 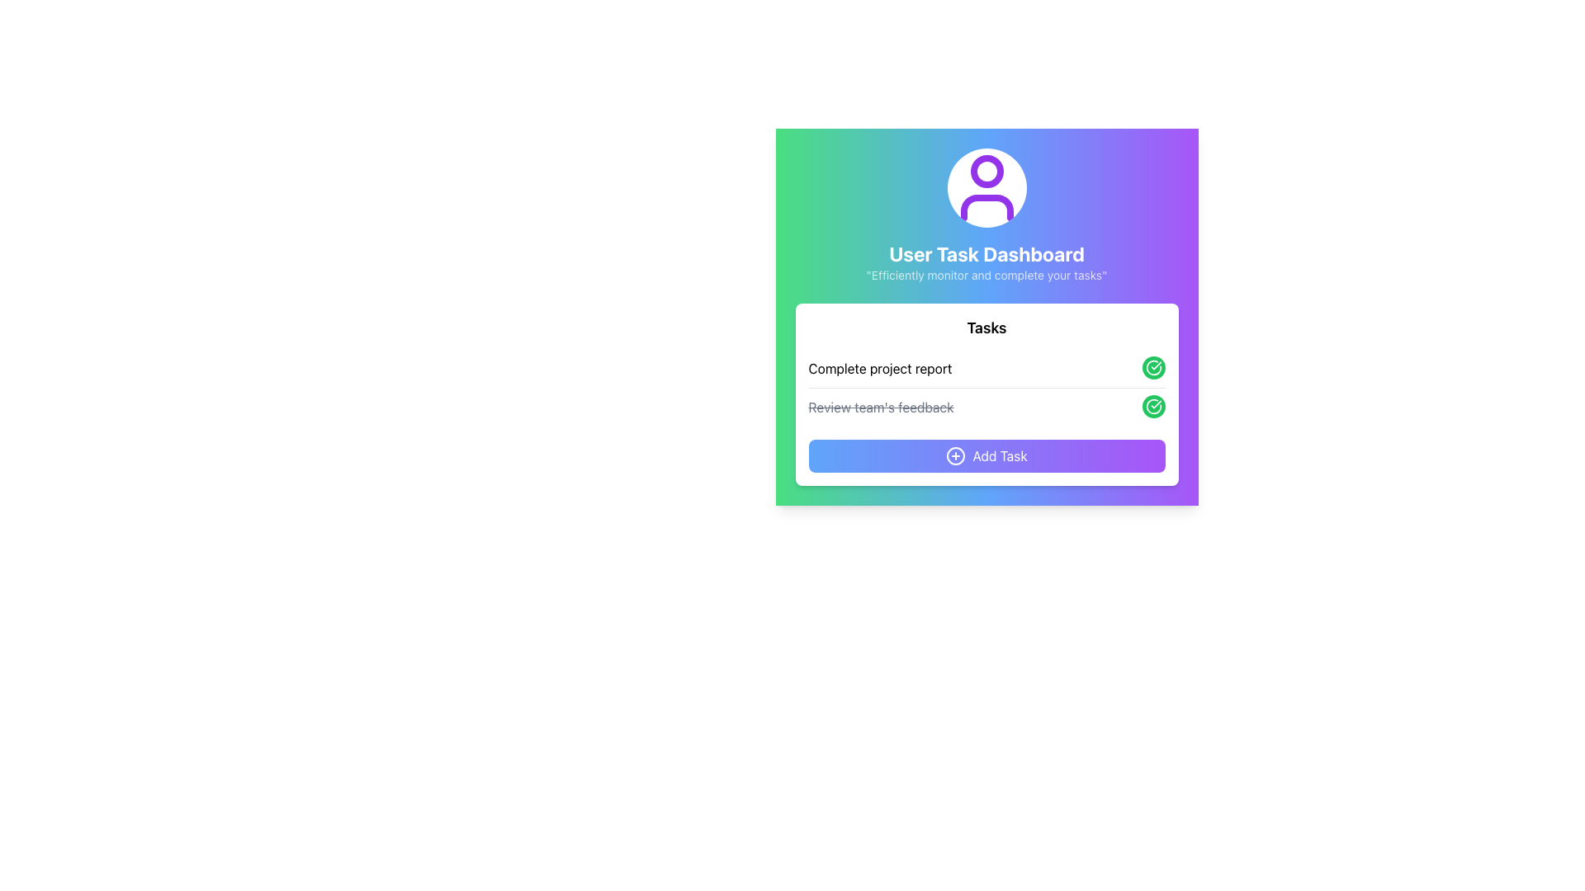 What do you see at coordinates (1152, 367) in the screenshot?
I see `the task completion icon located to the right of the 'Review team’s feedback' task text` at bounding box center [1152, 367].